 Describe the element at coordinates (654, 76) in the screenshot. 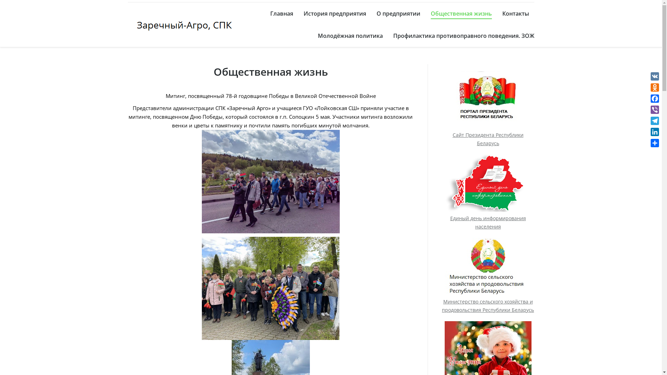

I see `'VK'` at that location.